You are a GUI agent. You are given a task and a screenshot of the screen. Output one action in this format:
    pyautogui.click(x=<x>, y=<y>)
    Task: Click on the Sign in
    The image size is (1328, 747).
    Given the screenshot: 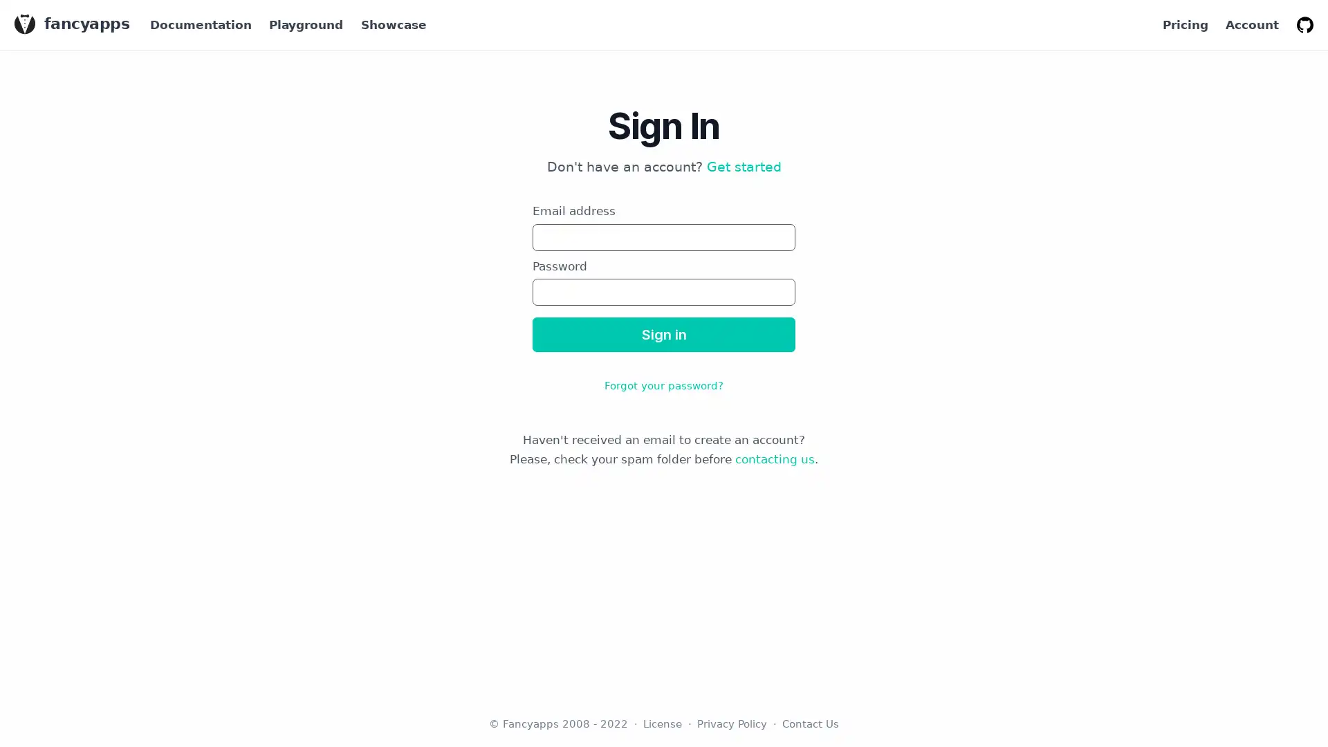 What is the action you would take?
    pyautogui.click(x=664, y=334)
    